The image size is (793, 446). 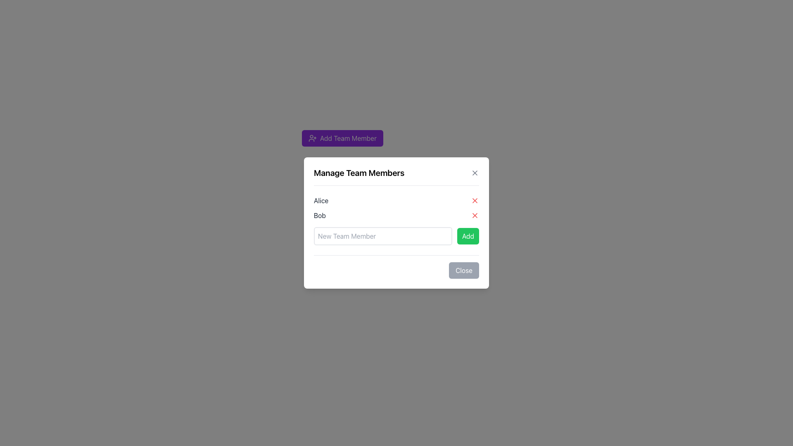 What do you see at coordinates (464, 270) in the screenshot?
I see `the 'Close' button with a gray background and white text in the bottom-right section of the 'Manage Team Members' modal dialog` at bounding box center [464, 270].